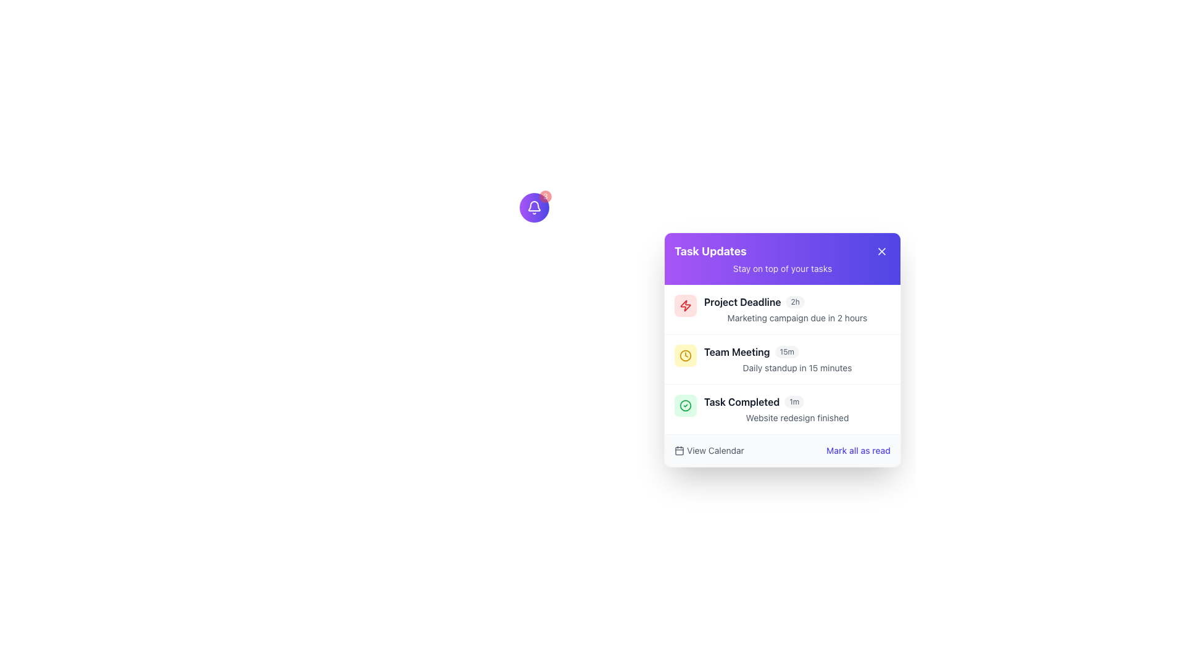 This screenshot has height=666, width=1185. What do you see at coordinates (781, 409) in the screenshot?
I see `the notification entry displaying 'Task Completed' with a green checkmark icon, located as the third item in the notification panel` at bounding box center [781, 409].